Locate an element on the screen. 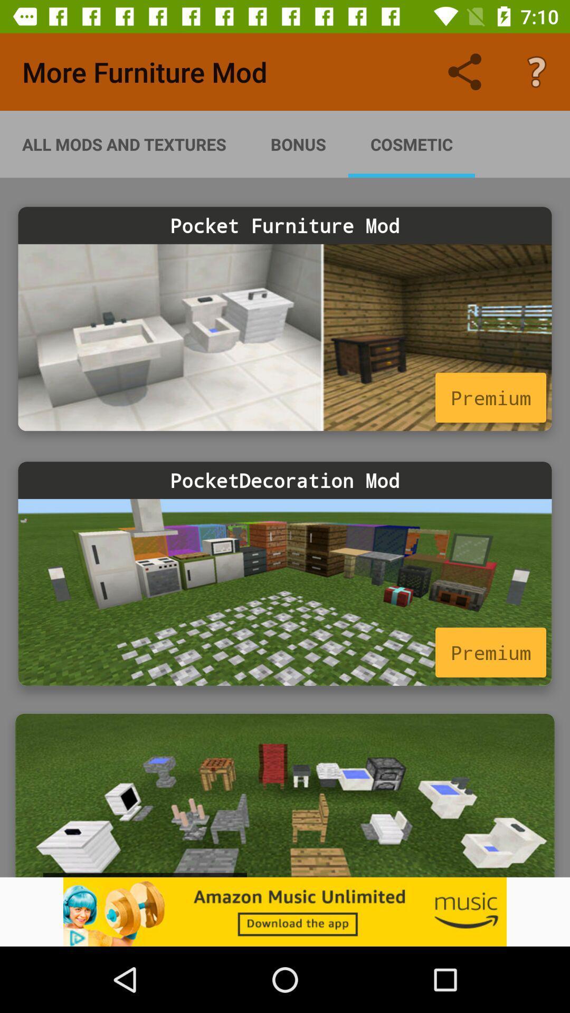 Image resolution: width=570 pixels, height=1013 pixels. third option is located at coordinates (285, 795).